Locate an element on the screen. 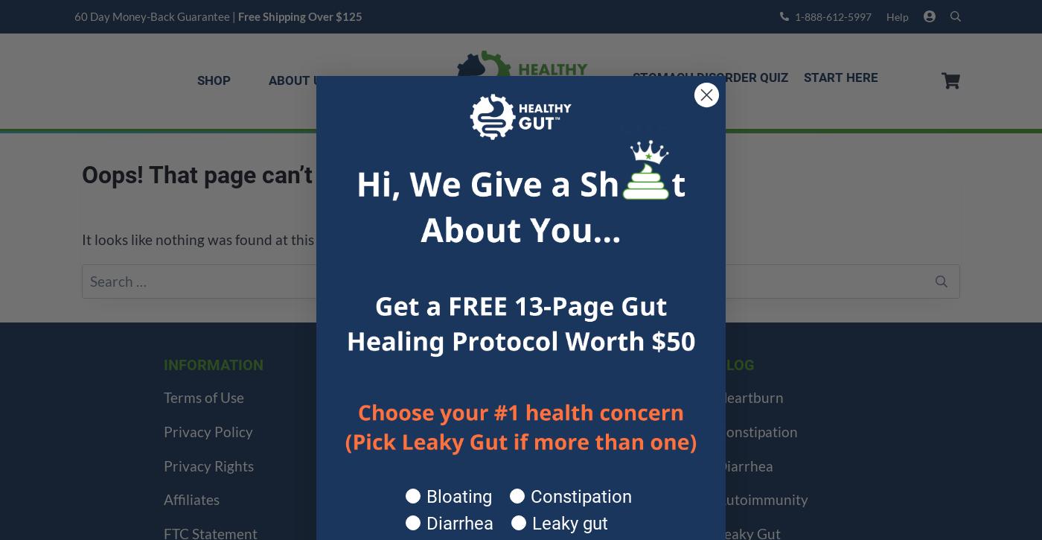 Image resolution: width=1042 pixels, height=540 pixels. 'Diarrhea' is located at coordinates (744, 464).